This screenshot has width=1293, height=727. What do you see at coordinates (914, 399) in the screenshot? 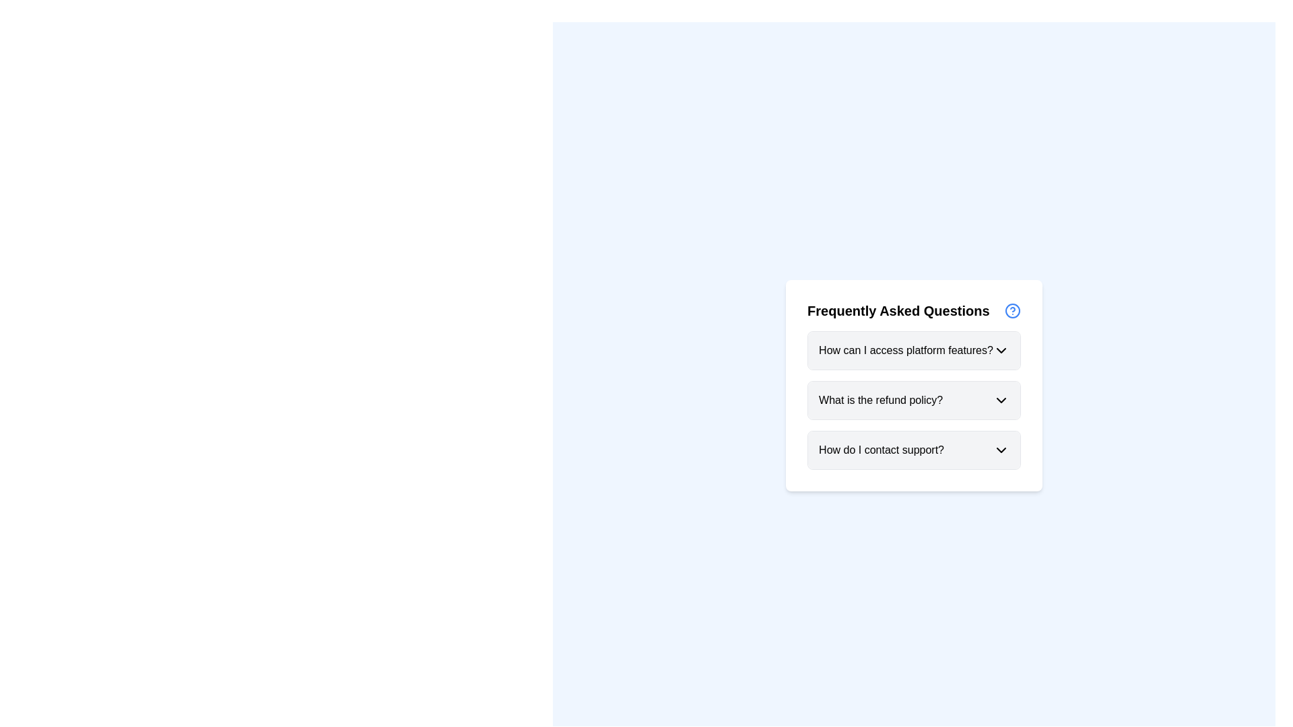
I see `the second FAQ question entry in the 'Frequently Asked Questions' card` at bounding box center [914, 399].